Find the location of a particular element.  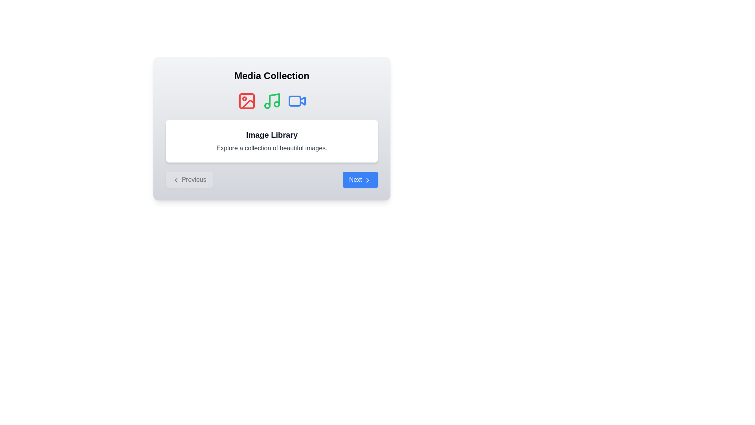

the music icon to select the corresponding media library is located at coordinates (272, 101).